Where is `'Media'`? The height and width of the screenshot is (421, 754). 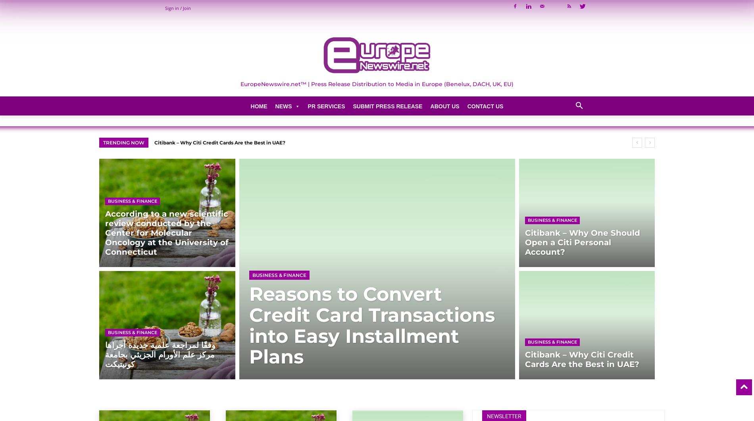 'Media' is located at coordinates (281, 234).